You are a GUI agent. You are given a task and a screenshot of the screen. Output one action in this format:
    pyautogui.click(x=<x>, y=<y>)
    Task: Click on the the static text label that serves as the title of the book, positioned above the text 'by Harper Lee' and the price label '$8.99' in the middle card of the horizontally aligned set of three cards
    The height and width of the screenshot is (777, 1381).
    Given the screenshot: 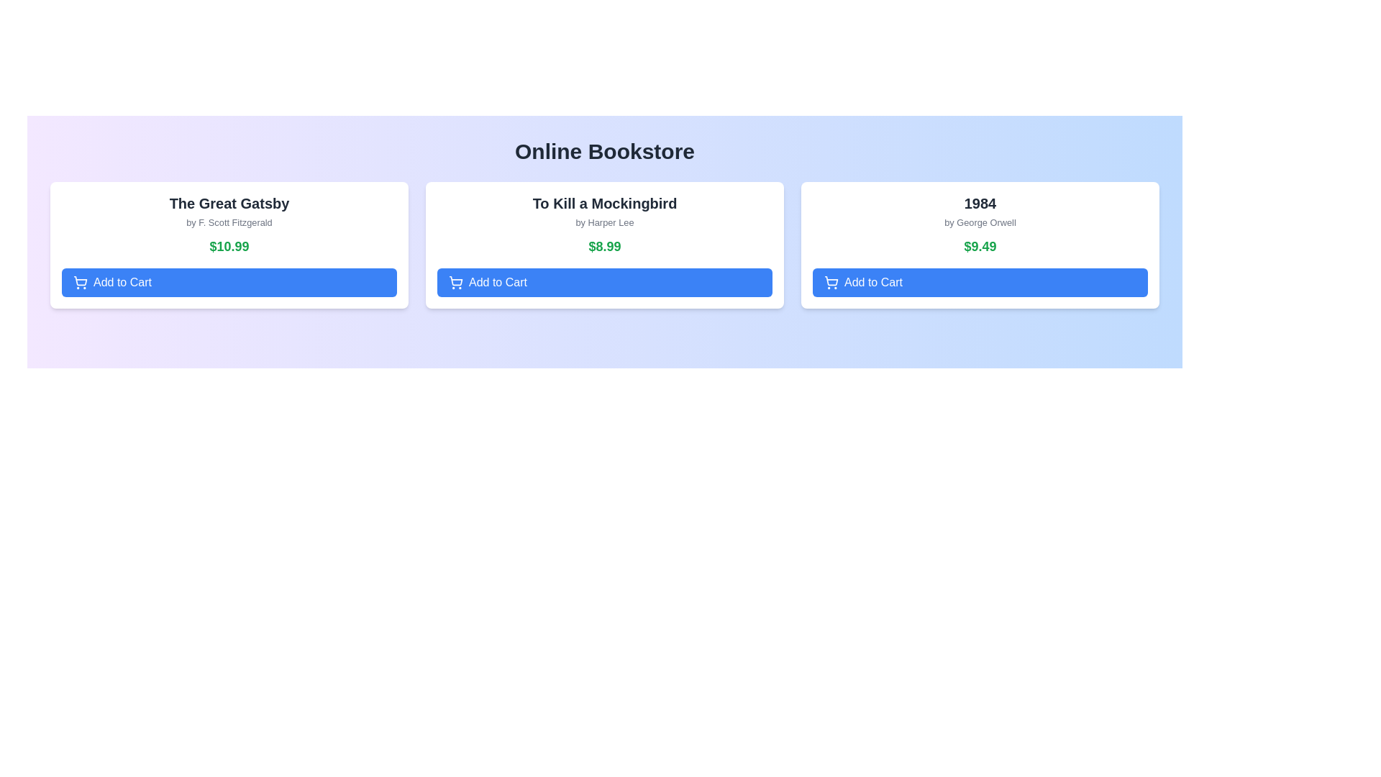 What is the action you would take?
    pyautogui.click(x=604, y=203)
    